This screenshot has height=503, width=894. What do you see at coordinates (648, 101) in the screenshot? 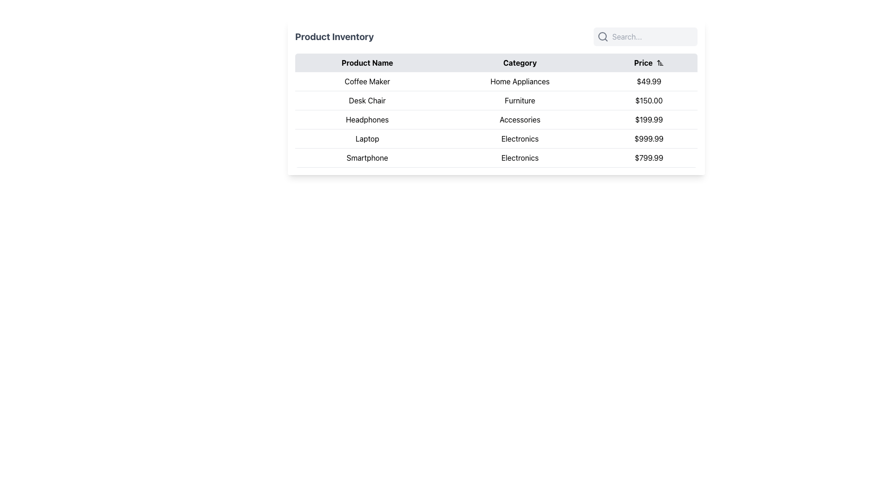
I see `the price label for the 'Desk Chair' product, located in the third column of the table under the 'Price' heading` at bounding box center [648, 101].